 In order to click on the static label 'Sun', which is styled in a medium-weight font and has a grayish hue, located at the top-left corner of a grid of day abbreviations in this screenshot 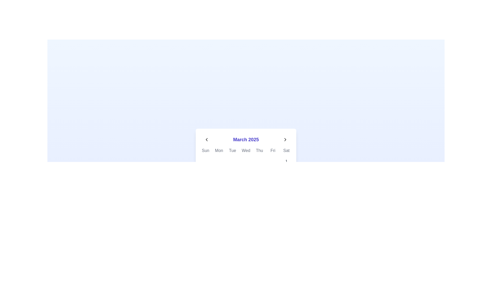, I will do `click(205, 150)`.